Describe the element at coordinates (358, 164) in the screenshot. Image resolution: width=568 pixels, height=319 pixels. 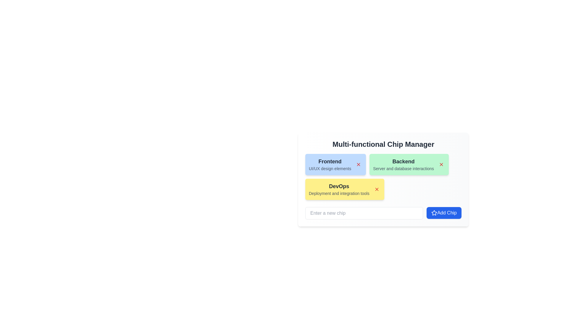
I see `the Close Icon, a small red 'X' located at the top-right corner of the blue 'Frontend' card` at that location.